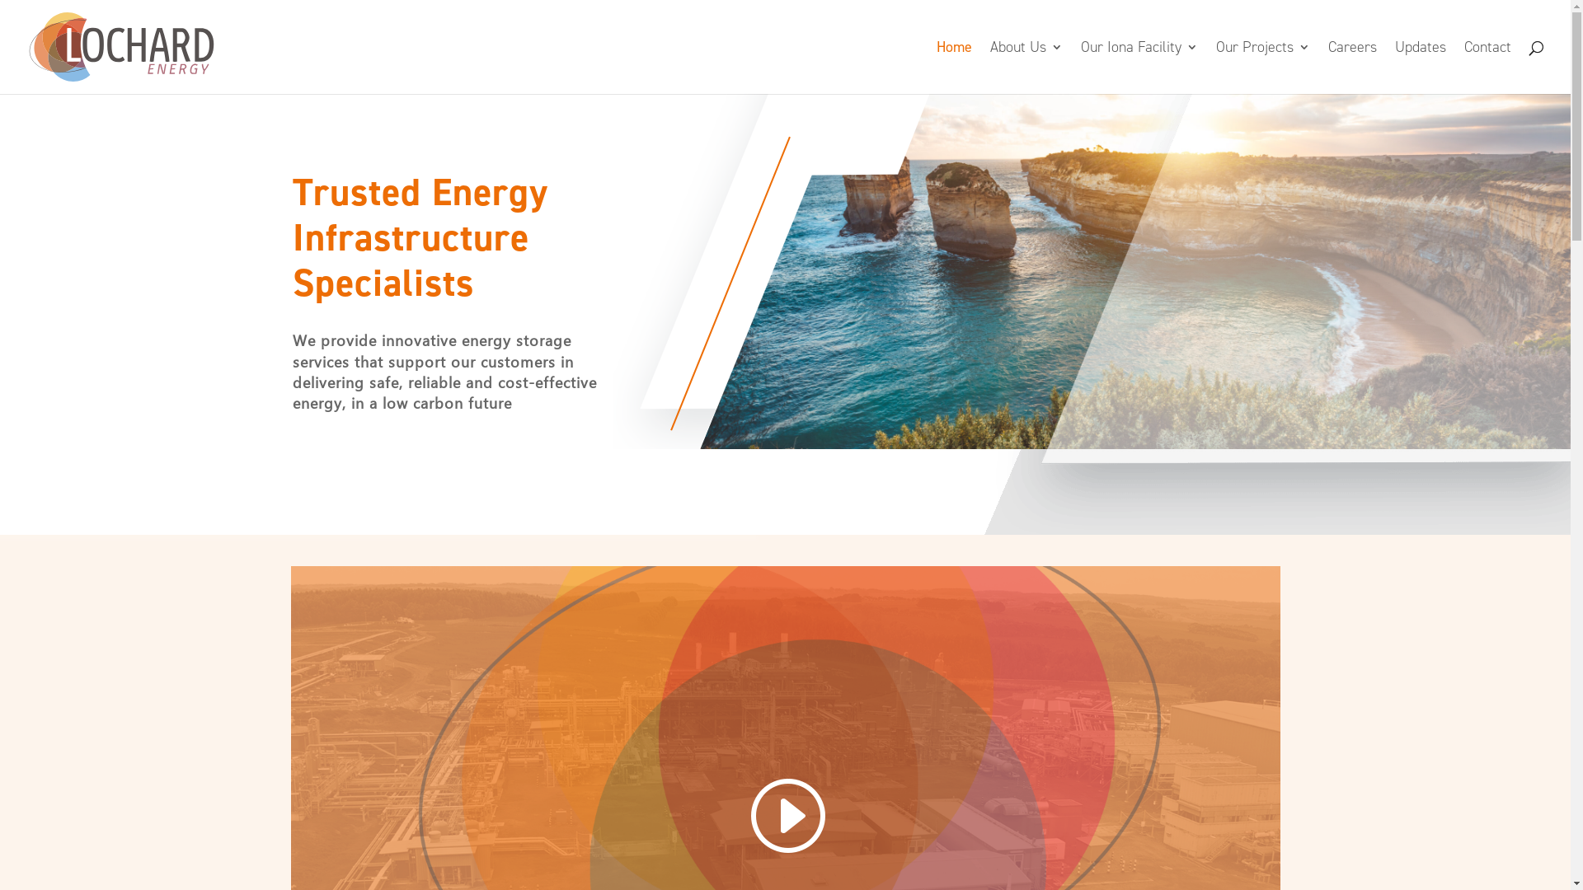 The image size is (1583, 890). Describe the element at coordinates (989, 66) in the screenshot. I see `'About Us'` at that location.